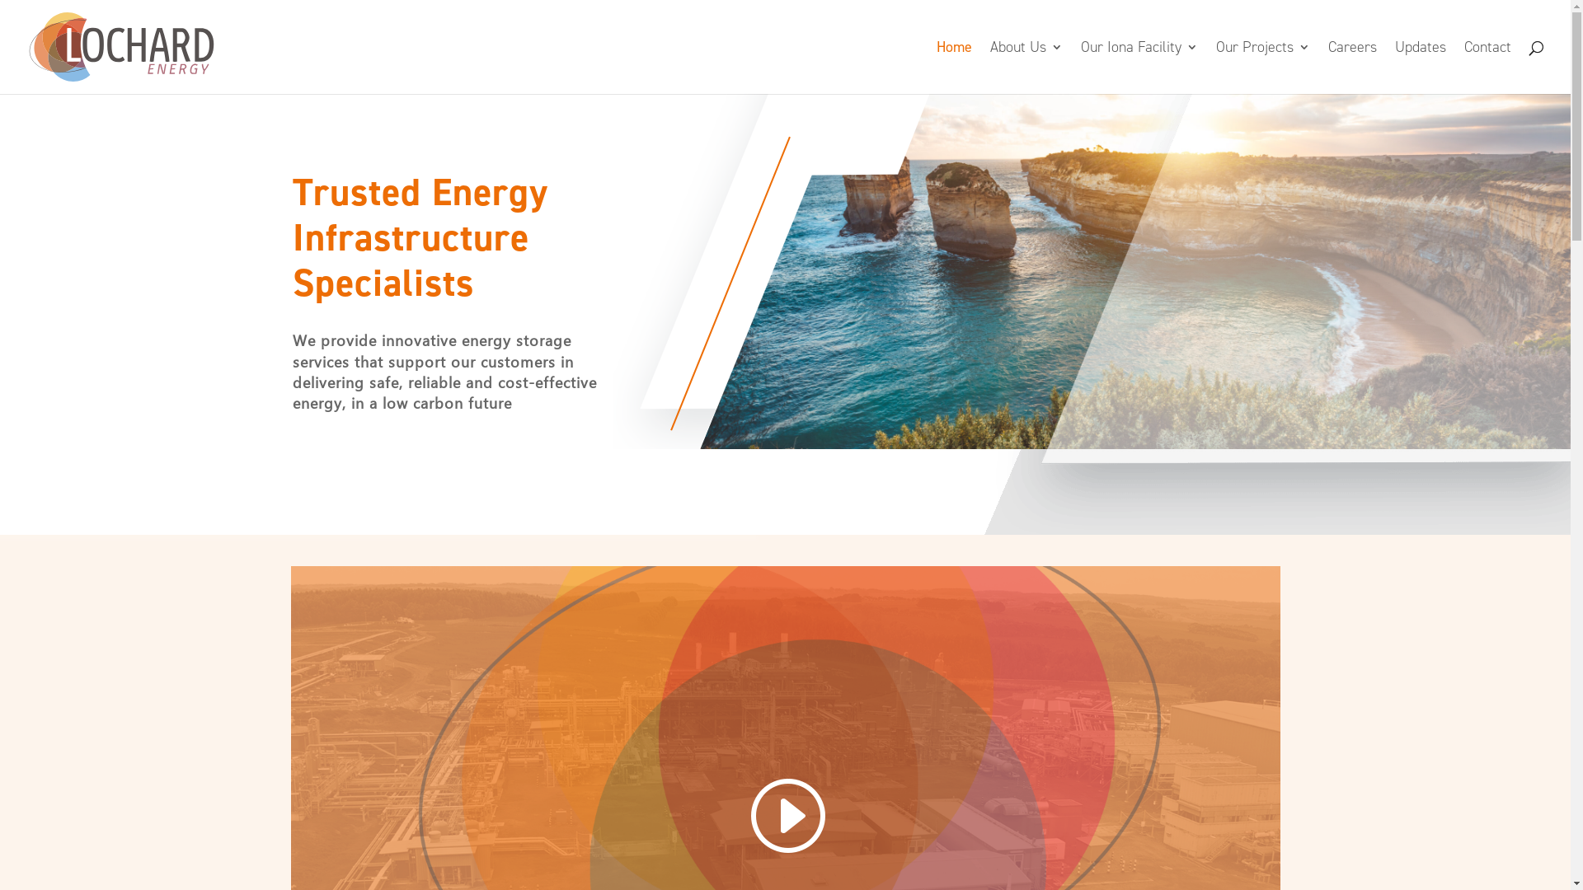 The image size is (1583, 890). Describe the element at coordinates (989, 66) in the screenshot. I see `'About Us'` at that location.